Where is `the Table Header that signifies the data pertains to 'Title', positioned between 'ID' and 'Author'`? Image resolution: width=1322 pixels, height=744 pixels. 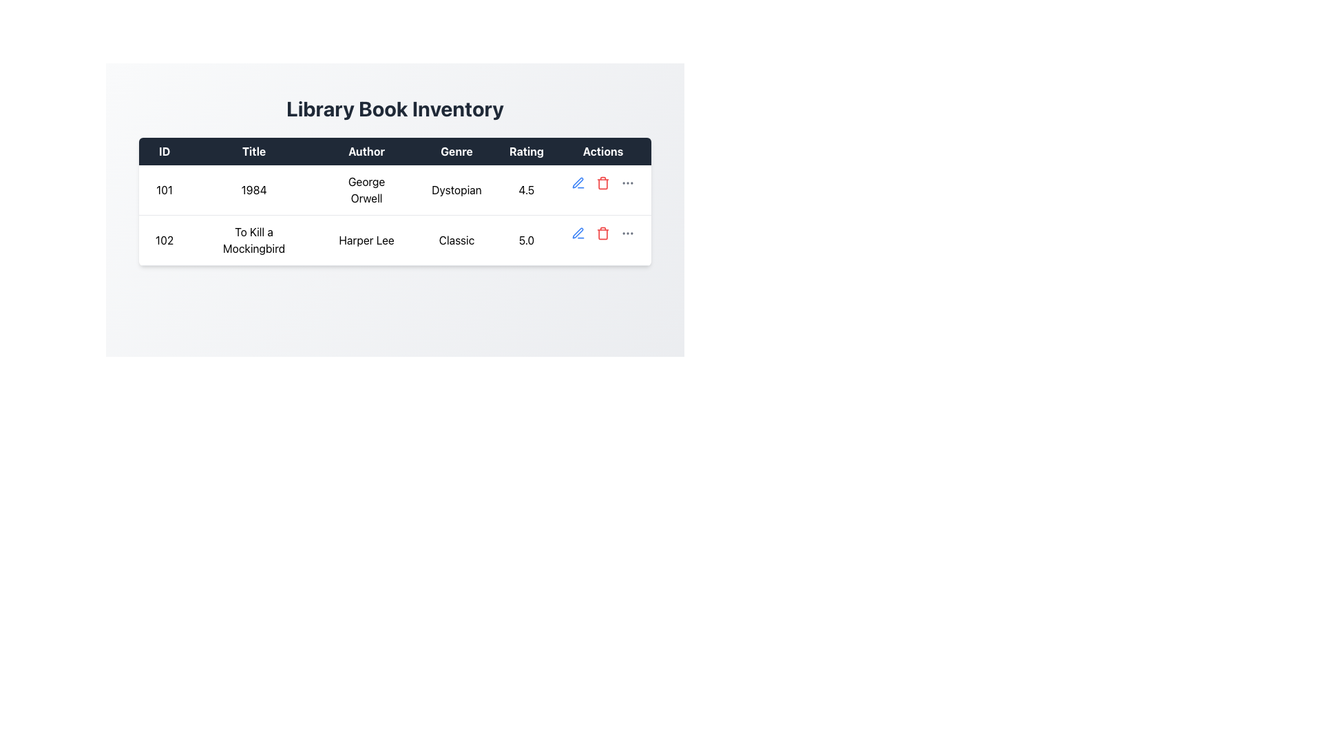
the Table Header that signifies the data pertains to 'Title', positioned between 'ID' and 'Author' is located at coordinates (254, 151).